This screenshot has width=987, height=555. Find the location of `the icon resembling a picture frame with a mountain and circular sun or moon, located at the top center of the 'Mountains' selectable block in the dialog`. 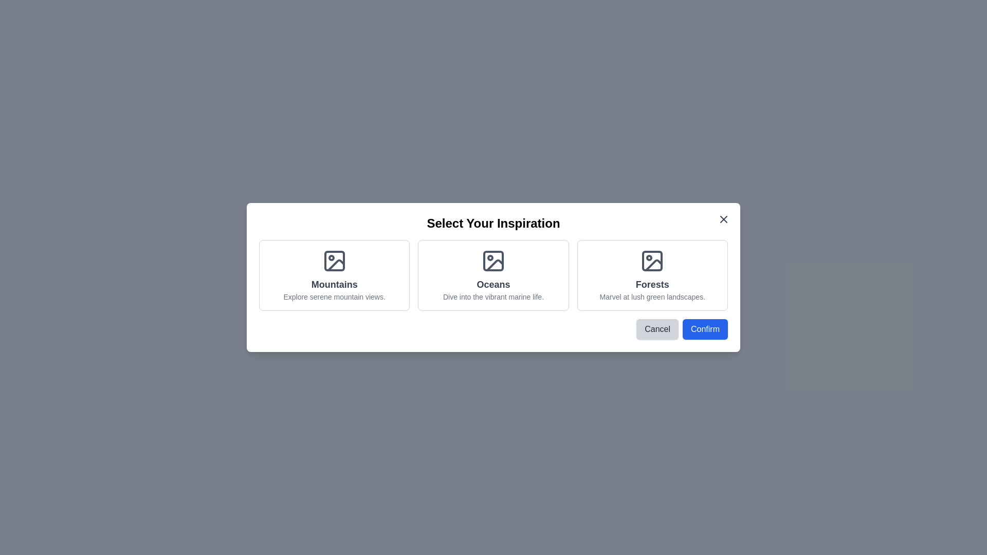

the icon resembling a picture frame with a mountain and circular sun or moon, located at the top center of the 'Mountains' selectable block in the dialog is located at coordinates (334, 261).